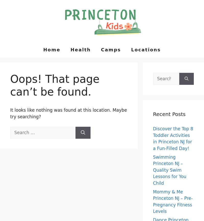  I want to click on 'Home', so click(52, 49).